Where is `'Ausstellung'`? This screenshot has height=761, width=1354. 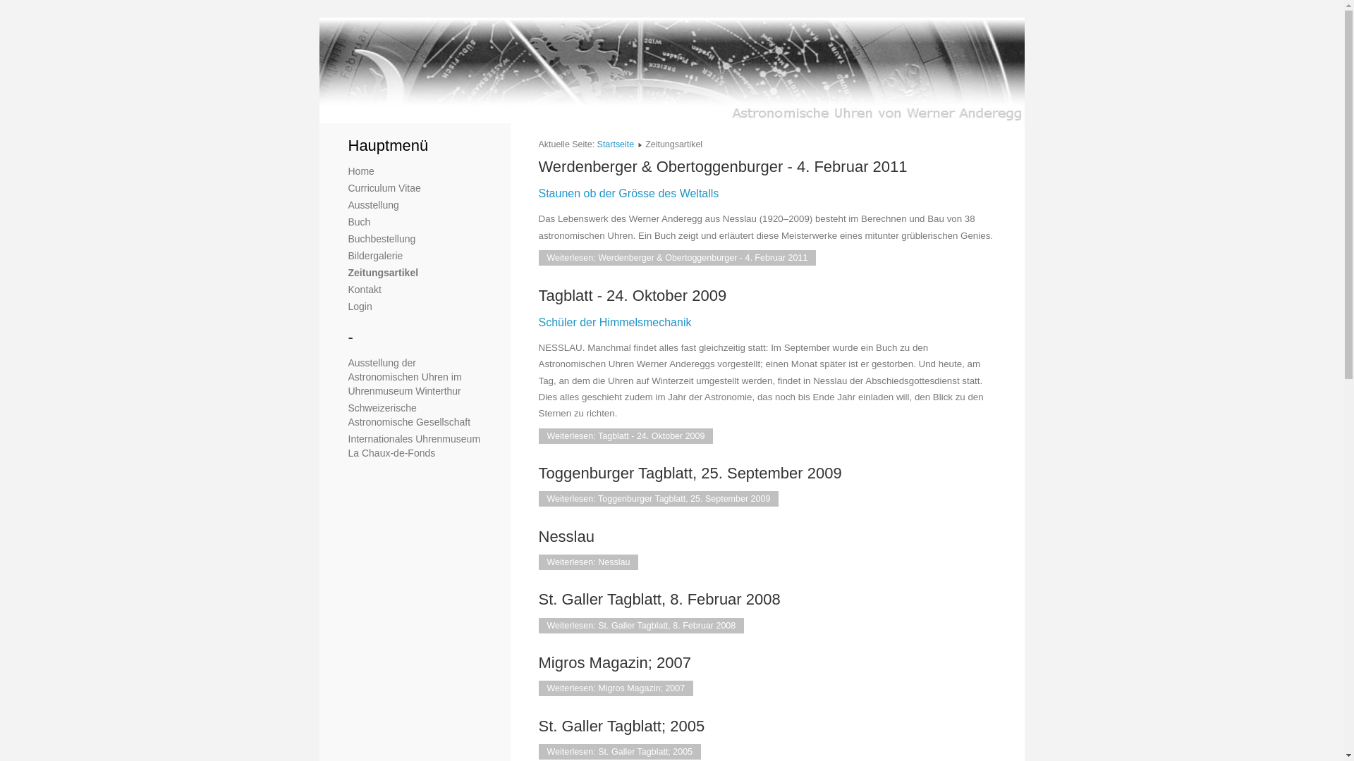
'Ausstellung' is located at coordinates (373, 204).